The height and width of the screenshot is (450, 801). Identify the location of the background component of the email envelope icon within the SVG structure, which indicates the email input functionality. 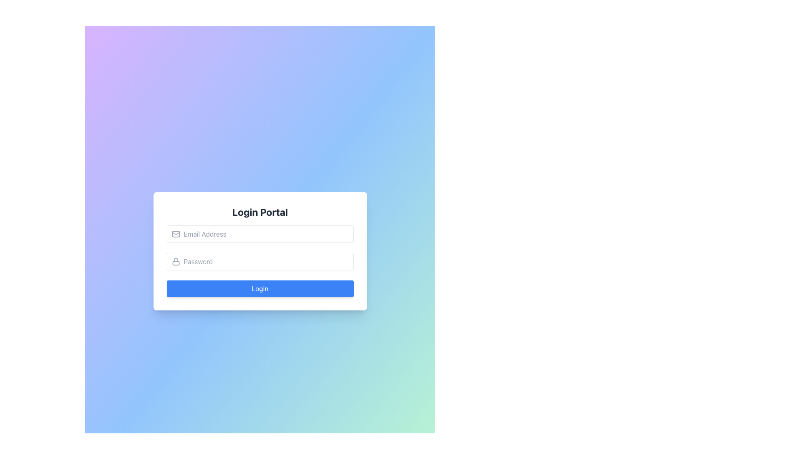
(175, 234).